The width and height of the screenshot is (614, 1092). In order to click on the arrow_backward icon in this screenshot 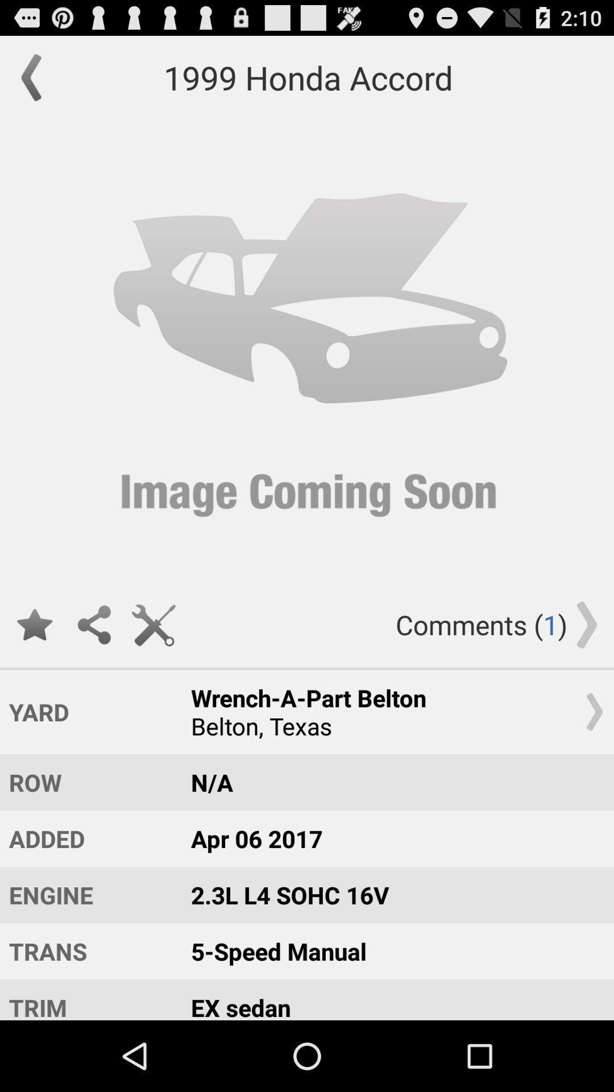, I will do `click(36, 82)`.